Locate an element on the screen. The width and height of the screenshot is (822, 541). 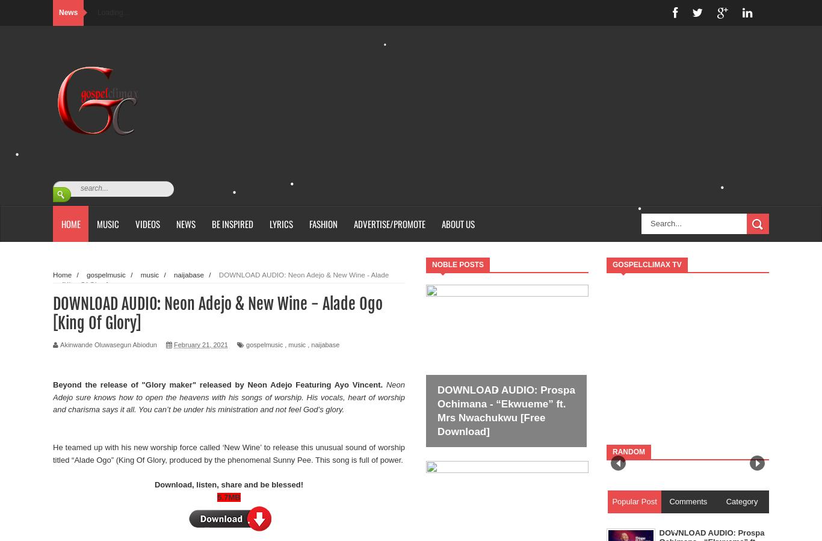
'Akinwande Oluwasegun Abiodun' is located at coordinates (108, 344).